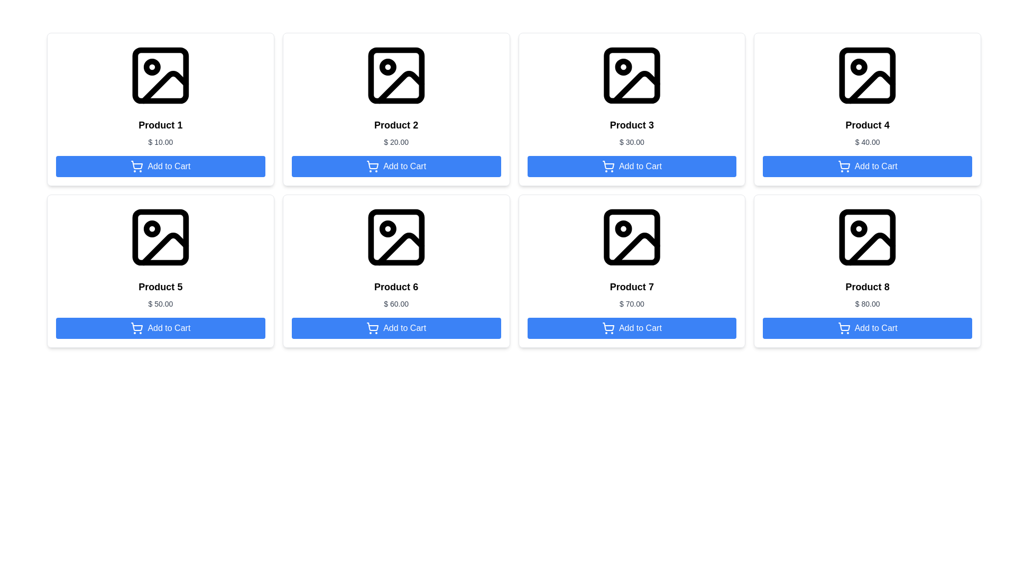 This screenshot has width=1015, height=571. I want to click on the outlined shopping cart icon located to the left of the 'Add to Cart' button under 'Product 5' on the interface grid, so click(136, 328).